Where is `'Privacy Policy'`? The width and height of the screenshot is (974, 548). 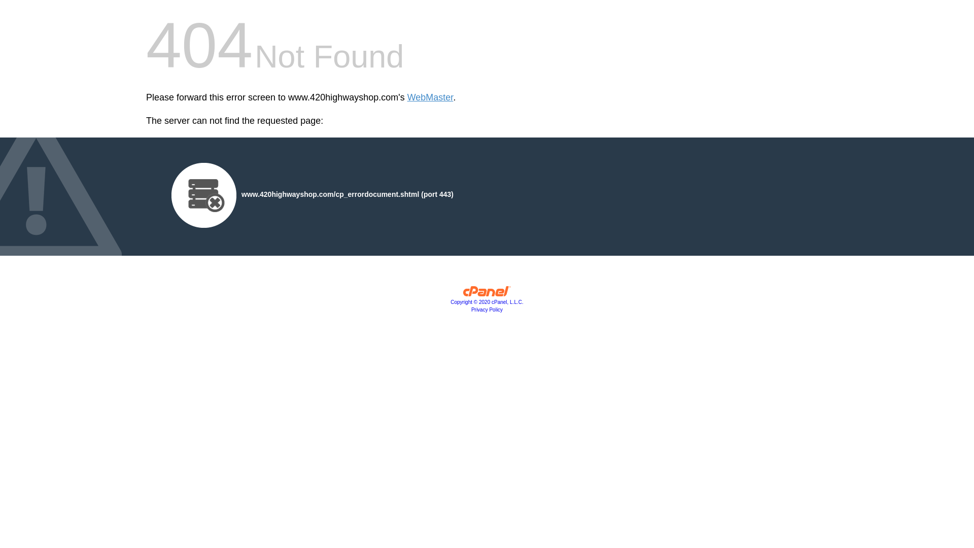
'Privacy Policy' is located at coordinates (487, 309).